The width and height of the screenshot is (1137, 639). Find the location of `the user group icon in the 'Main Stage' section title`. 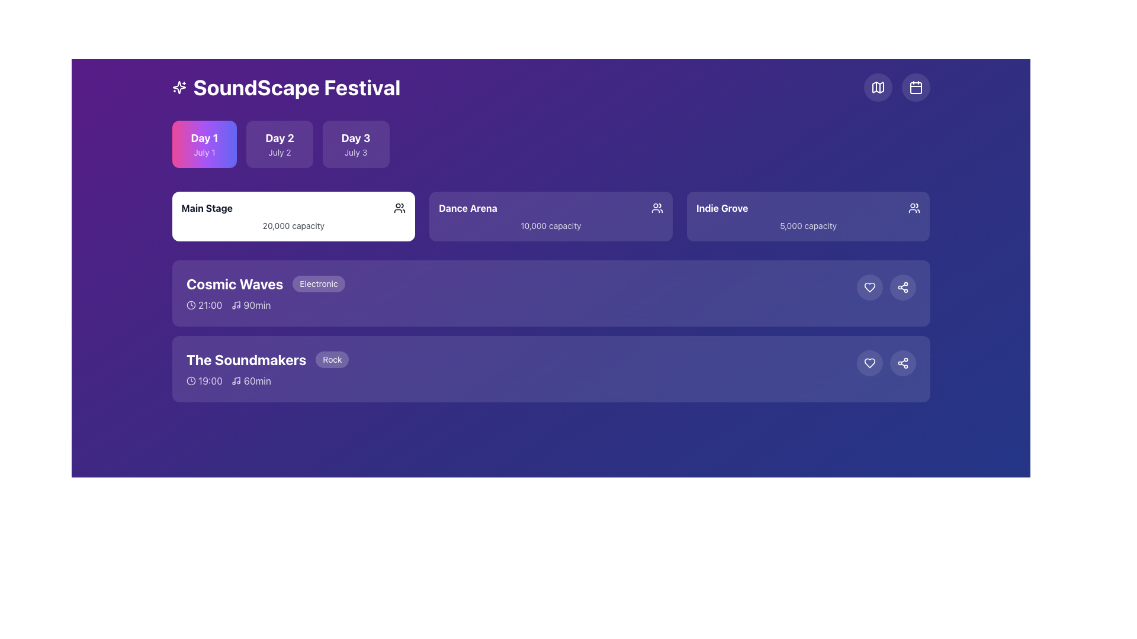

the user group icon in the 'Main Stage' section title is located at coordinates (293, 207).